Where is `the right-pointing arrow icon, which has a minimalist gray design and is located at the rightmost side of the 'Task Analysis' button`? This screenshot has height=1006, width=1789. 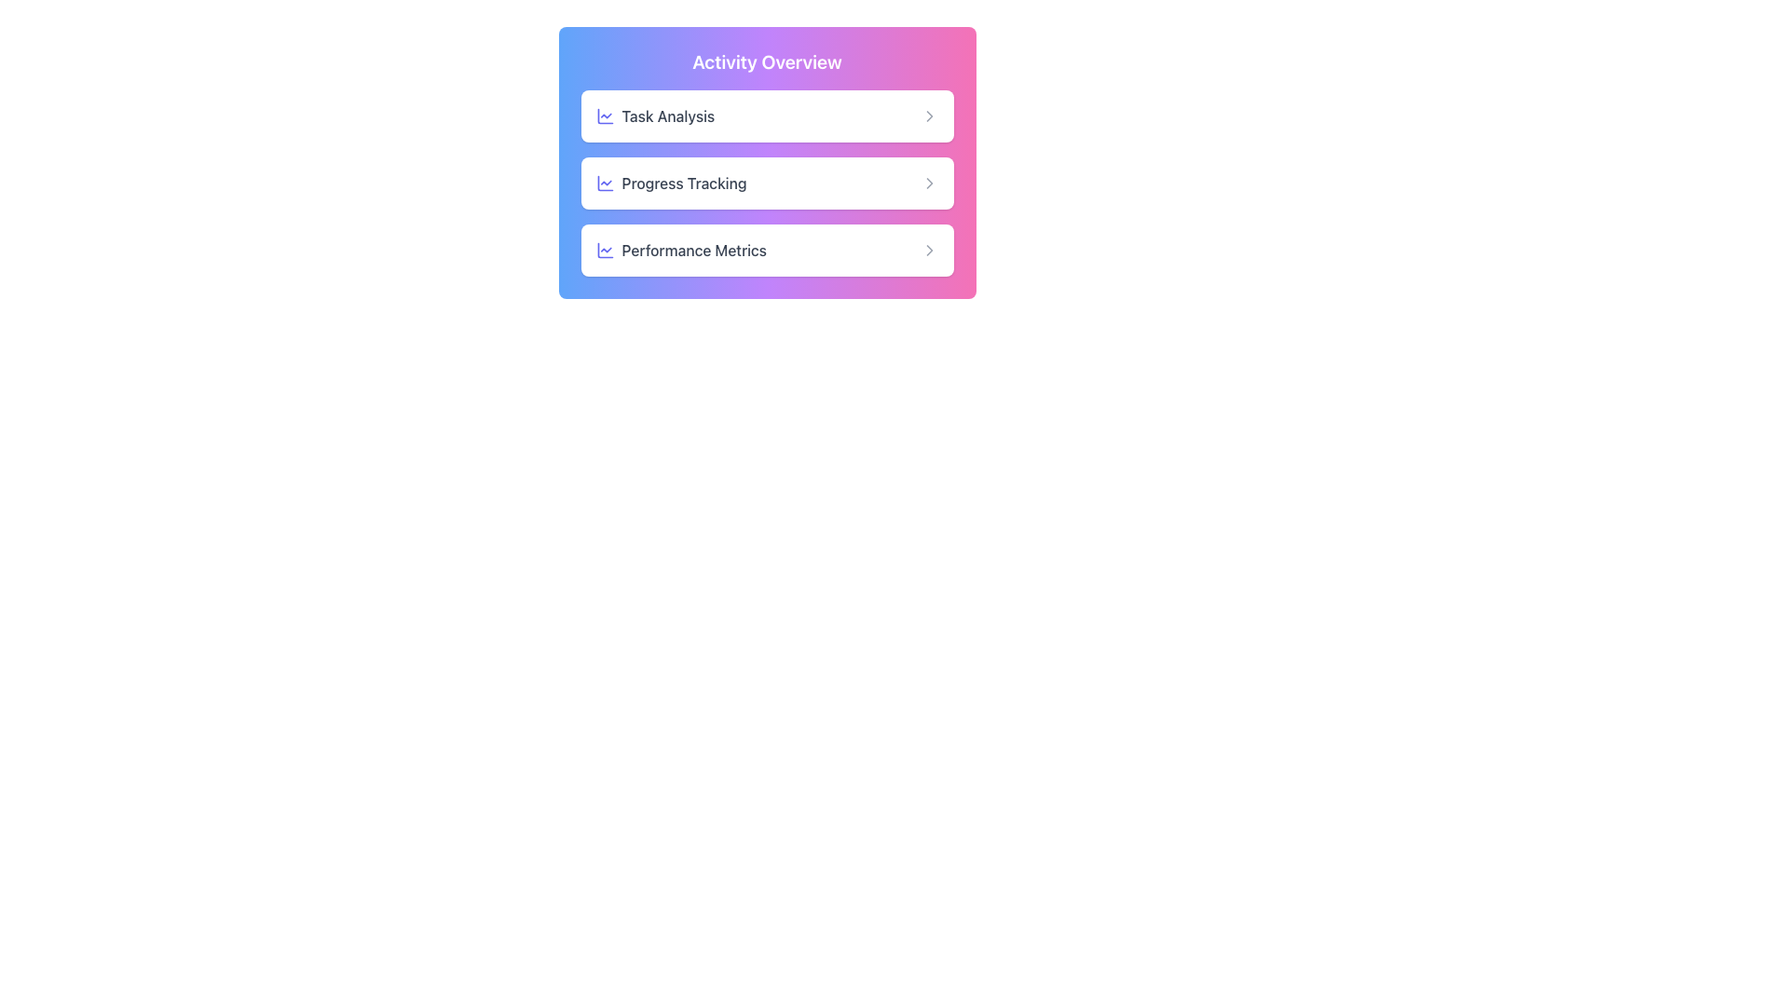
the right-pointing arrow icon, which has a minimalist gray design and is located at the rightmost side of the 'Task Analysis' button is located at coordinates (929, 116).